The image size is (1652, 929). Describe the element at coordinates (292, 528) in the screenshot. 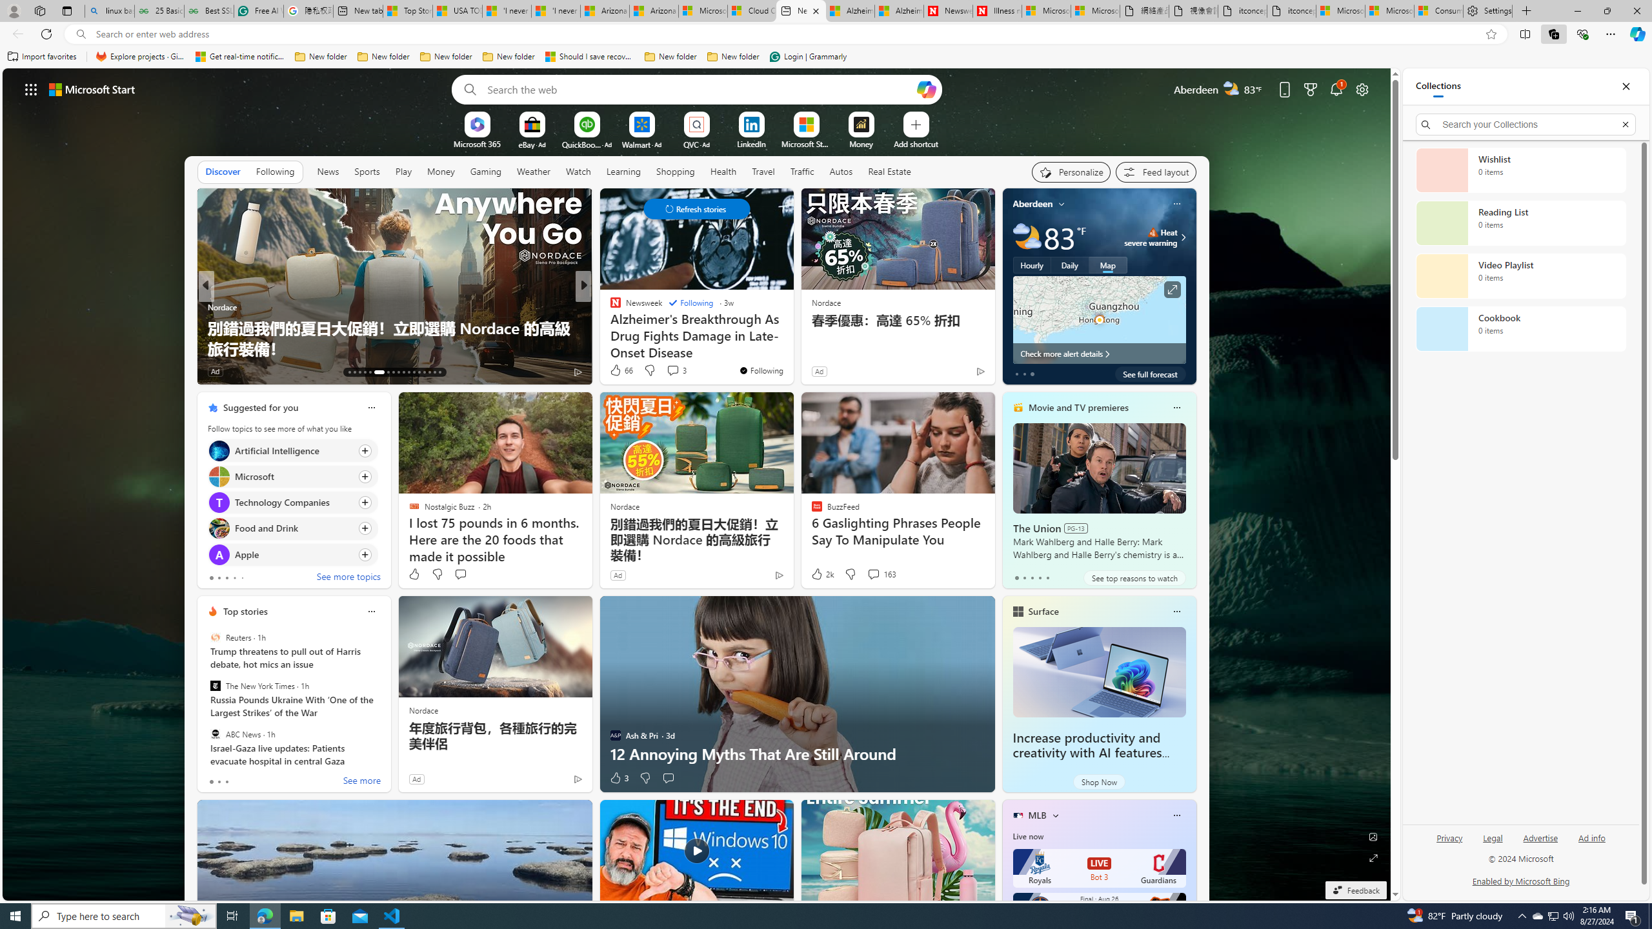

I see `'Click to follow topic Food and Drink'` at that location.